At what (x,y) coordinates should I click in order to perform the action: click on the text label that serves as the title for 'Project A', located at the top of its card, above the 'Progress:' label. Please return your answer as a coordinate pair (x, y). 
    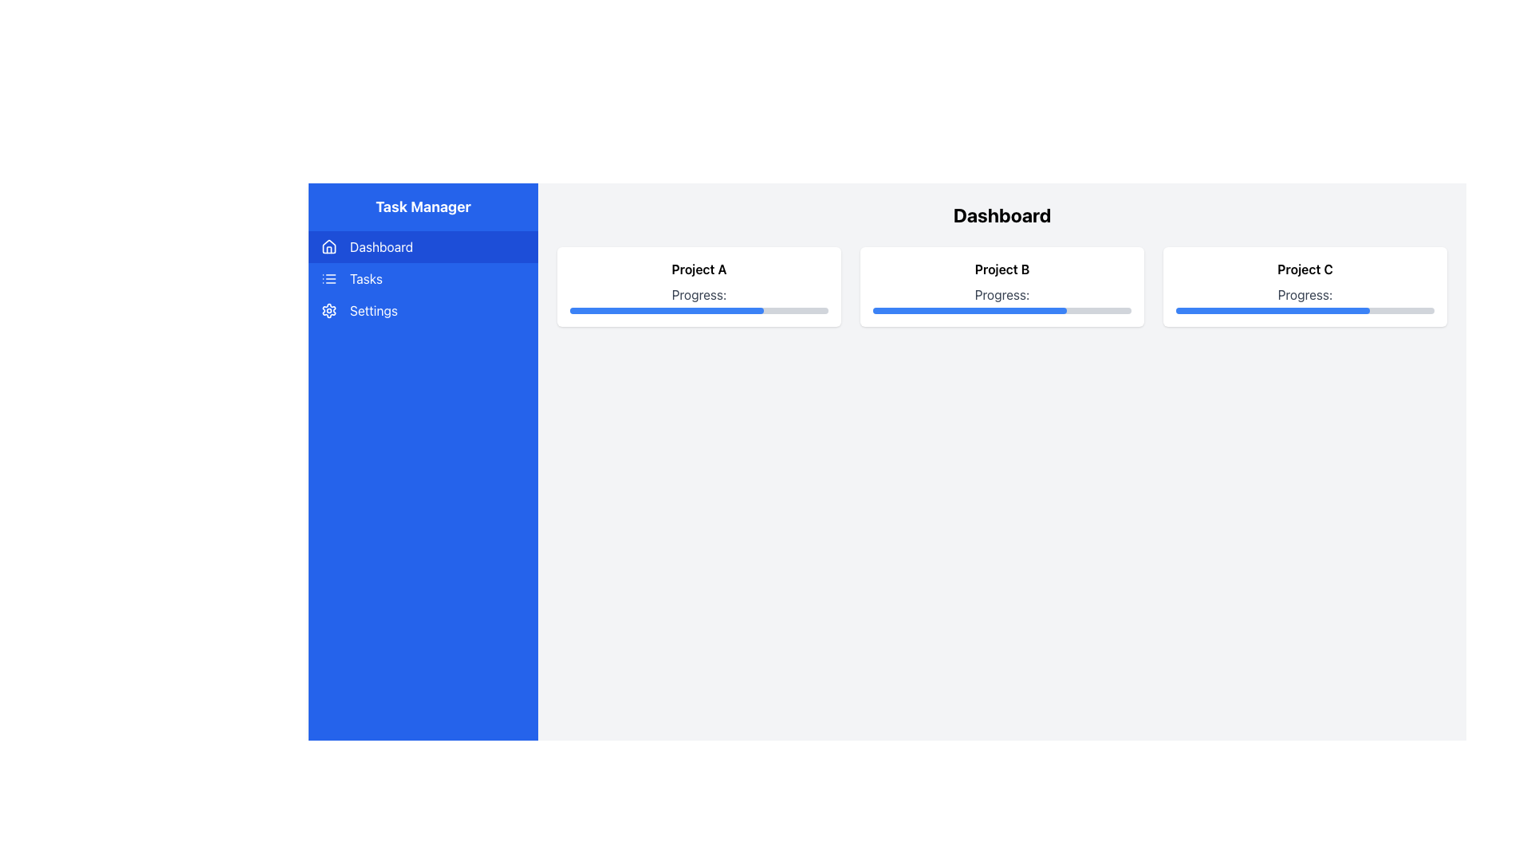
    Looking at the image, I should click on (699, 269).